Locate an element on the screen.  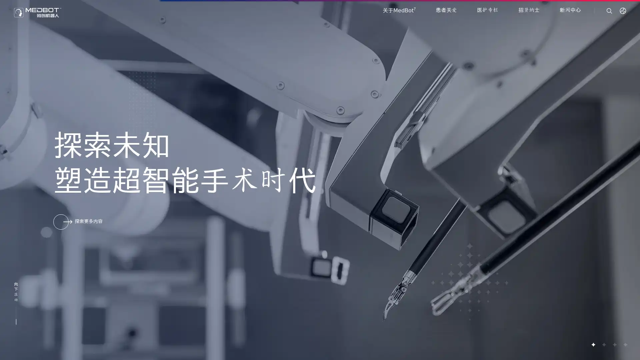
Go to slide 4 is located at coordinates (625, 344).